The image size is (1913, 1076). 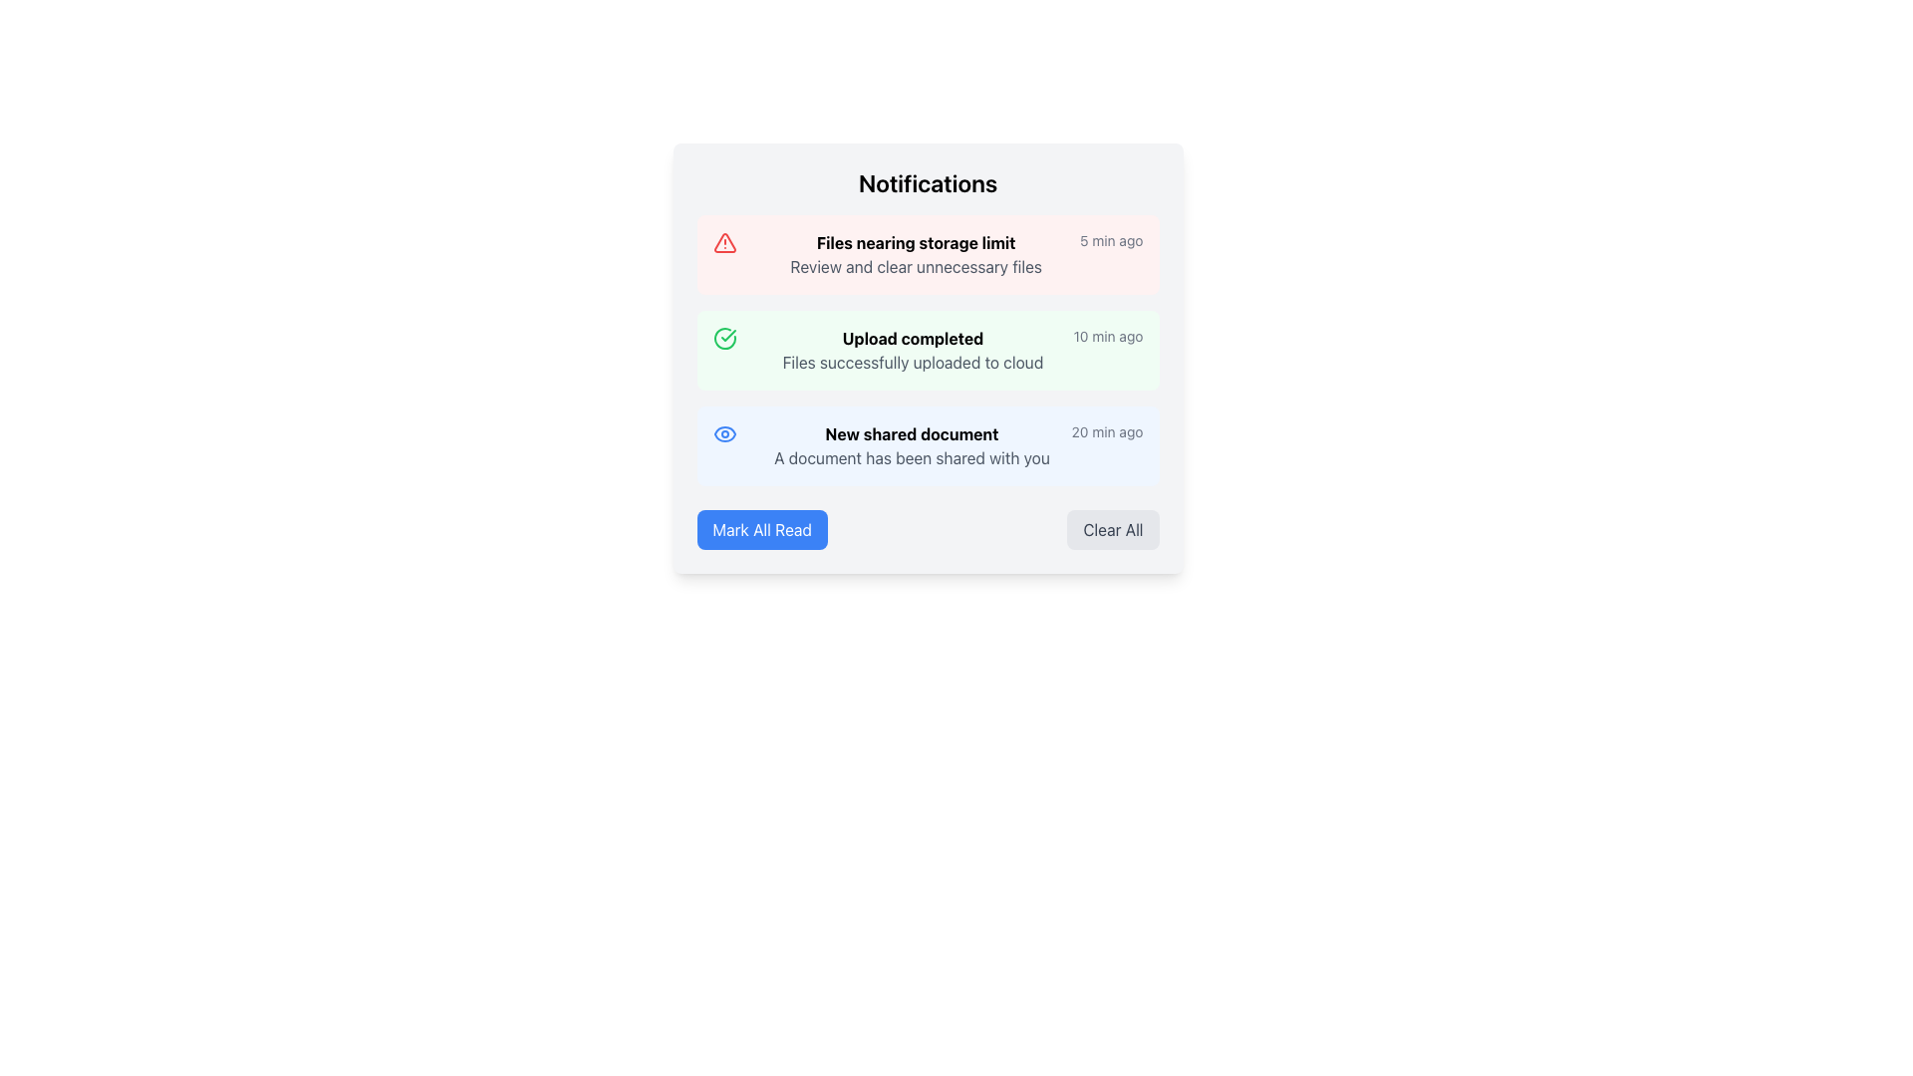 I want to click on the 'This Text Label' indicating successful upload completion in the notification panel, so click(x=912, y=337).